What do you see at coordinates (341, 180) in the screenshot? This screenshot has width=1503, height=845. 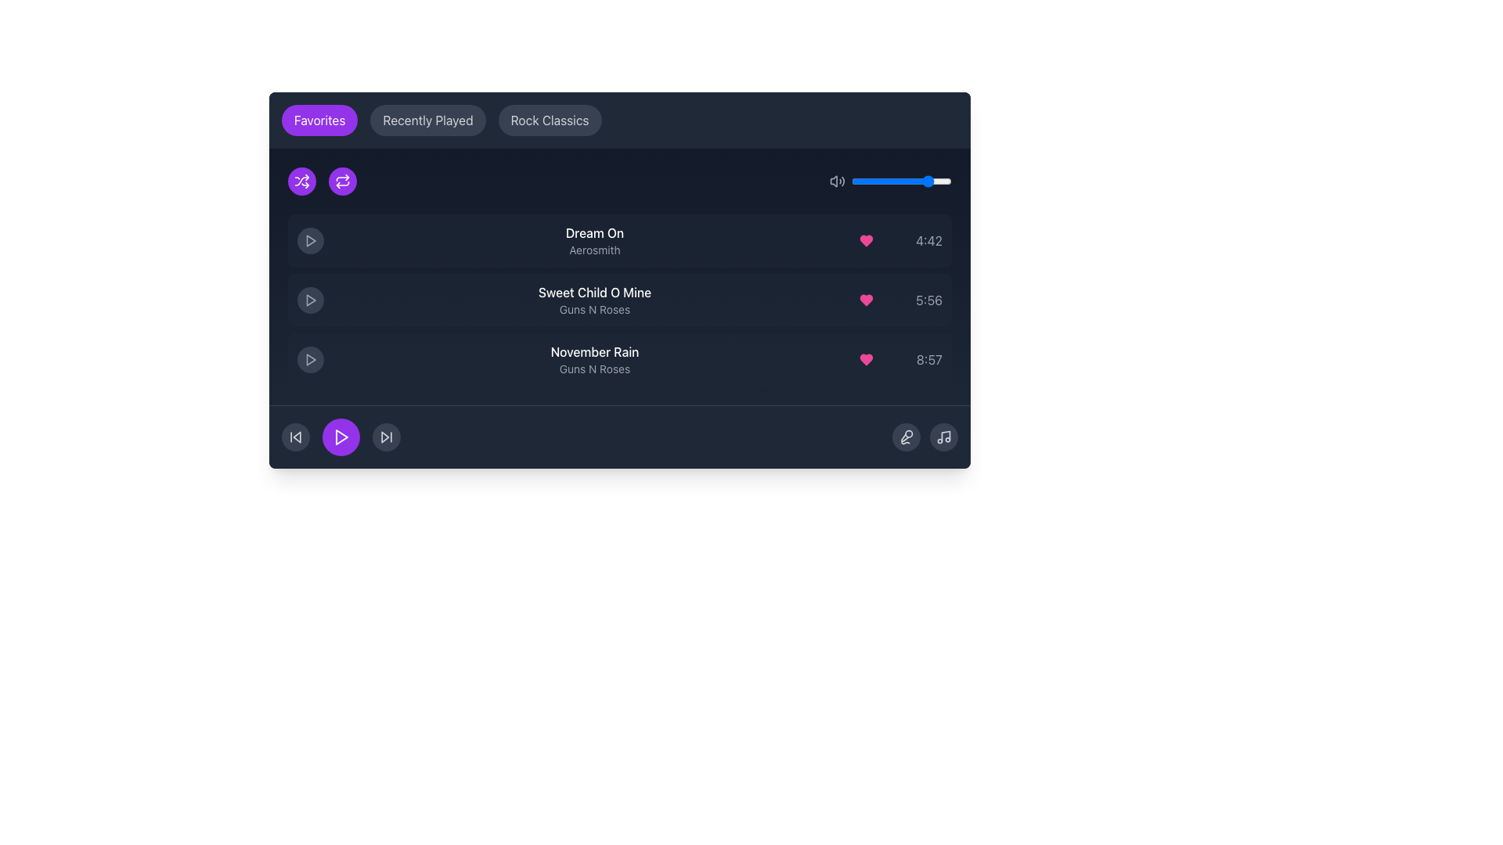 I see `the second circular button in the set of two, located at the top left corner of the section` at bounding box center [341, 180].